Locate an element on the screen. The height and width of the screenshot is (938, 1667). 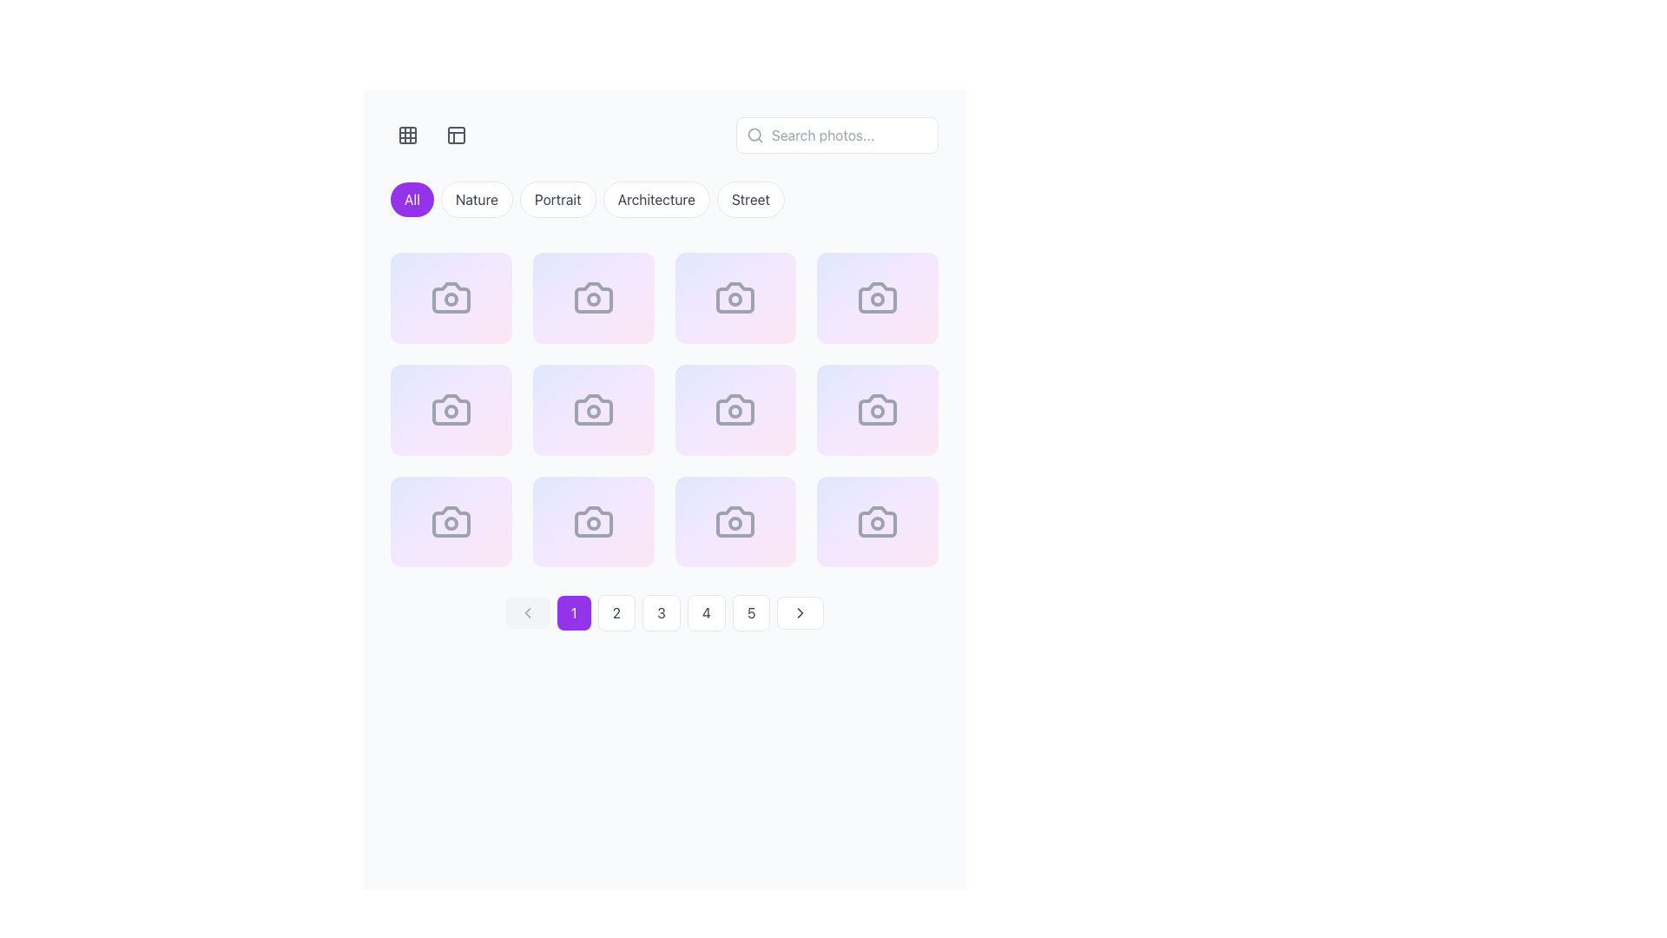
the third interactive button with an icon located near the center-right of the interface is located at coordinates (498, 426).